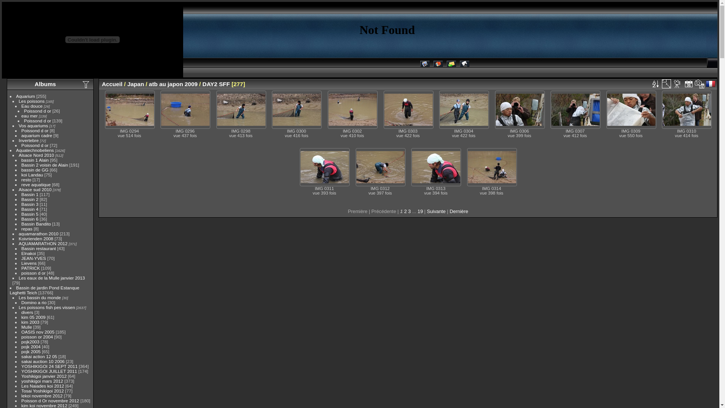 This screenshot has width=725, height=408. What do you see at coordinates (22, 376) in the screenshot?
I see `'Yoshikigoi janvier 2012'` at bounding box center [22, 376].